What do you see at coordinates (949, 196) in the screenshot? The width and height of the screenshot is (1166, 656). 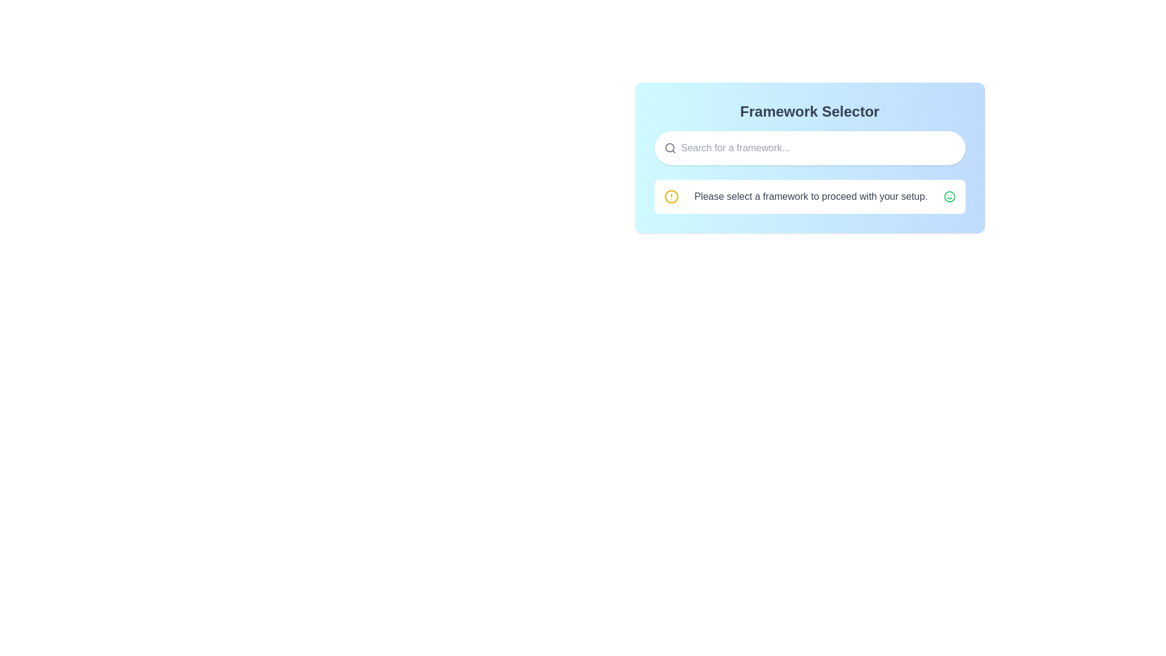 I see `the large circular component of the smiley face icon with a thin green stroke, located in the lower region of the main card component adjacent to the message 'Please select a framework to proceed with your setup.'` at bounding box center [949, 196].